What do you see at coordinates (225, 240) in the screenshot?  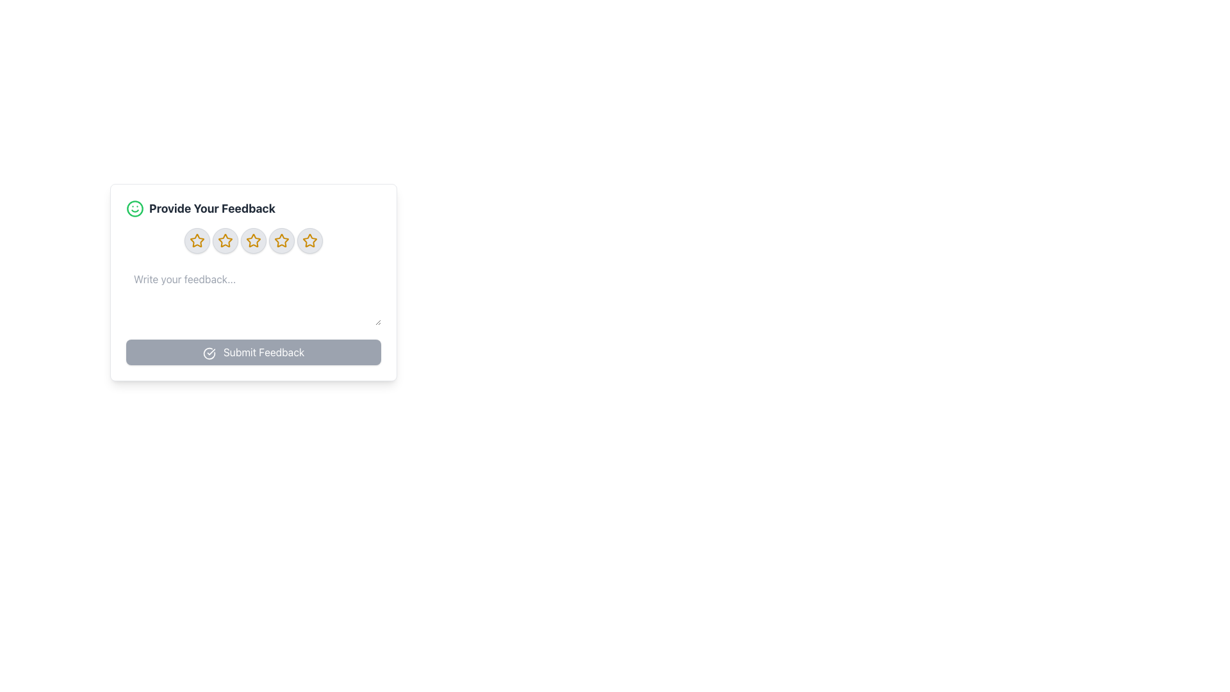 I see `the second star button` at bounding box center [225, 240].